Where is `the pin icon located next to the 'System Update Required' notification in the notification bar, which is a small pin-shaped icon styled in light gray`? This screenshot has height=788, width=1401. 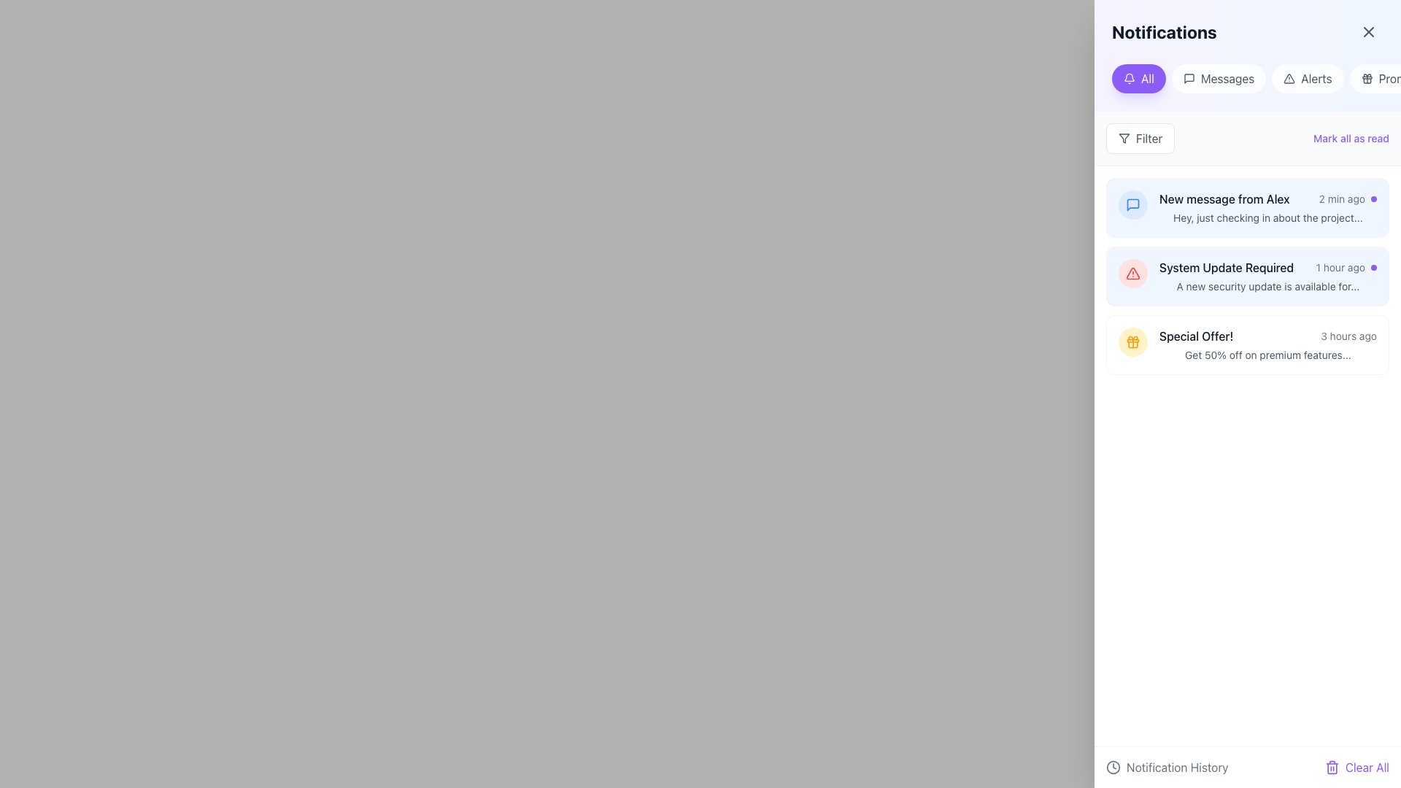 the pin icon located next to the 'System Update Required' notification in the notification bar, which is a small pin-shaped icon styled in light gray is located at coordinates (1335, 276).